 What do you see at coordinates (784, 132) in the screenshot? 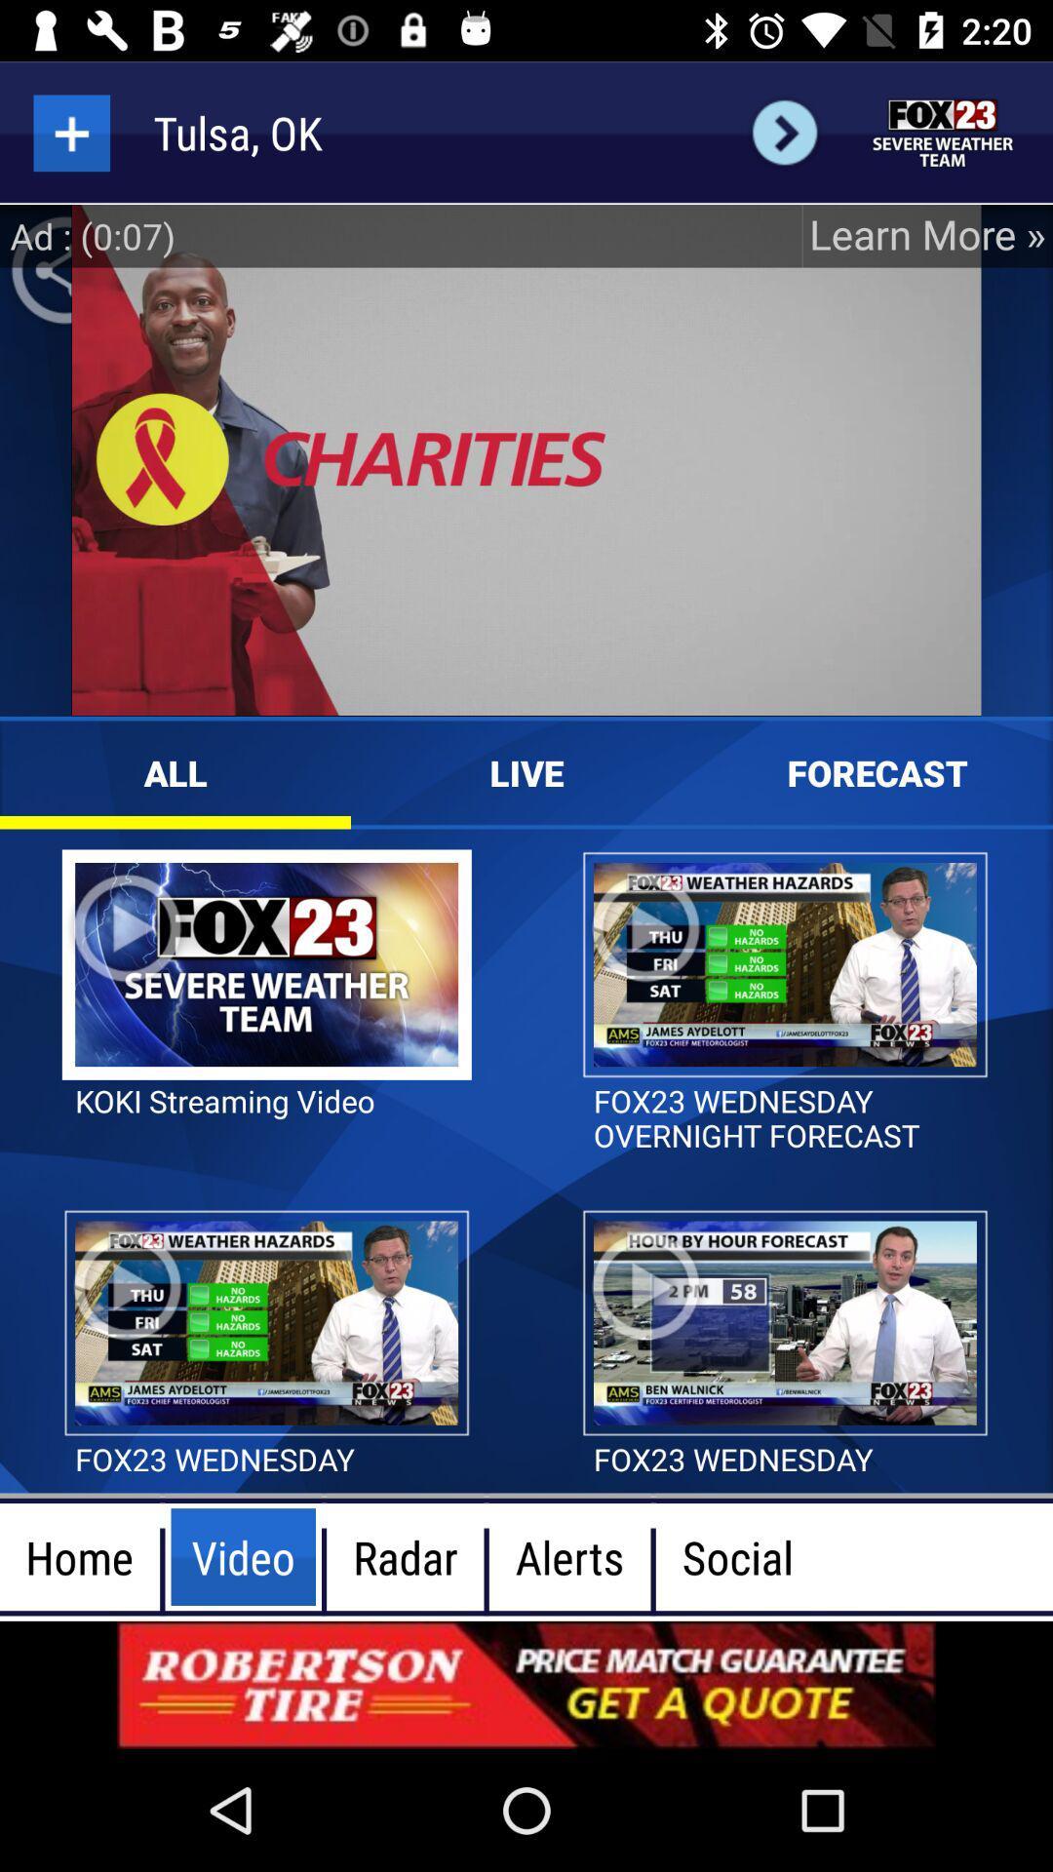
I see `next button` at bounding box center [784, 132].